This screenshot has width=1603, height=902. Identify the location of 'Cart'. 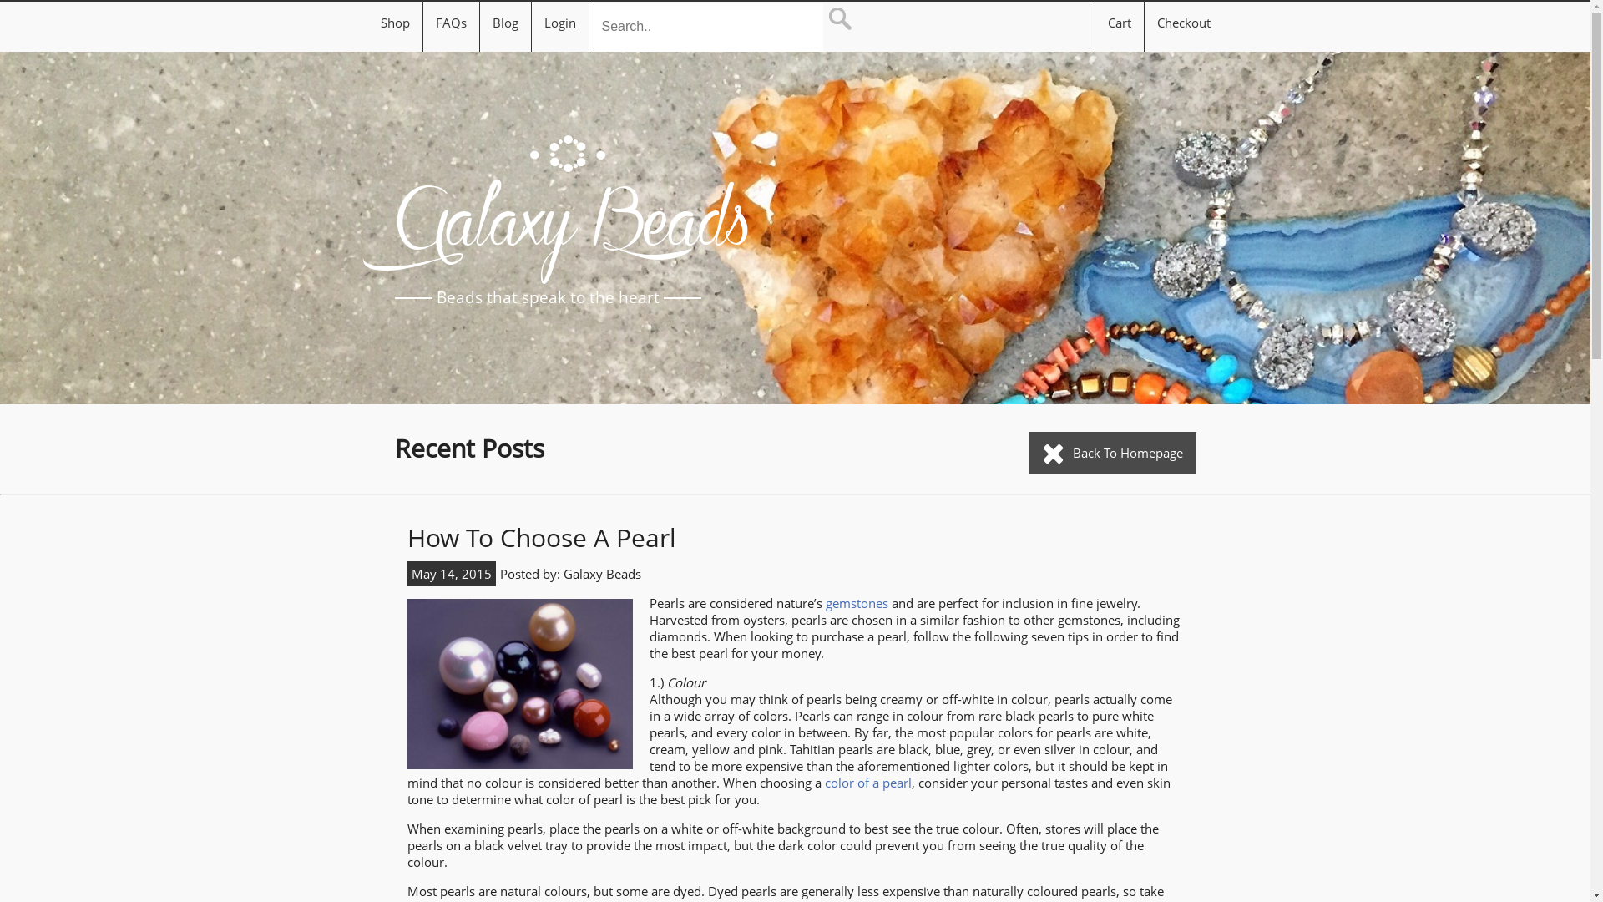
(1106, 26).